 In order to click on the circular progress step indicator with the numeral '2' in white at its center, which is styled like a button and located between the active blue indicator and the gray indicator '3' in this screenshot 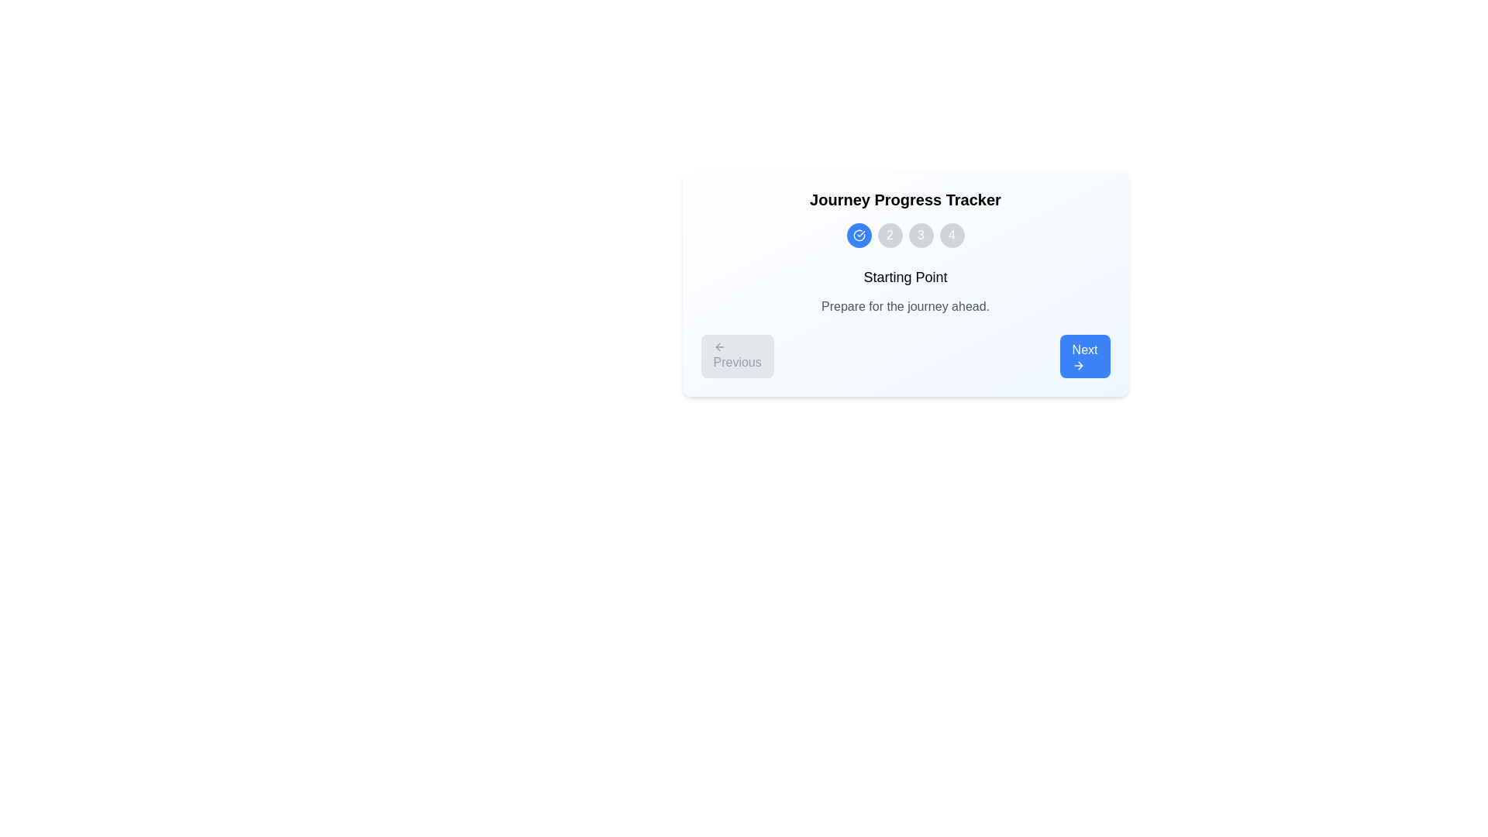, I will do `click(890, 236)`.